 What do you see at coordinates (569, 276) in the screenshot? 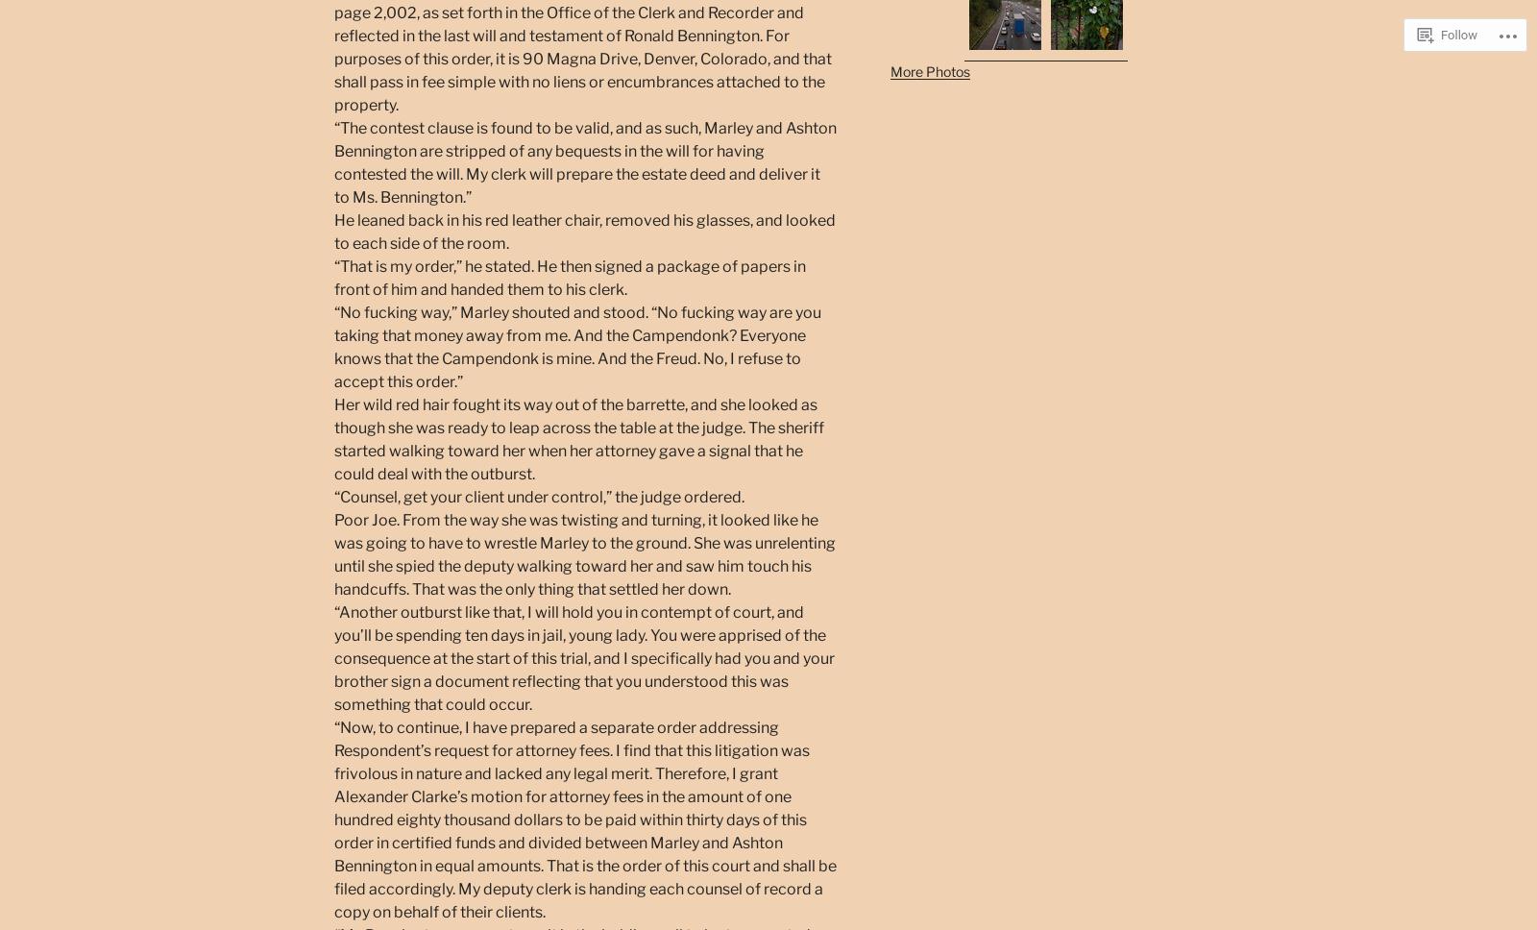
I see `'“That is my order,” he stated. He then signed a package of papers in front of him and handed them to his clerk.'` at bounding box center [569, 276].